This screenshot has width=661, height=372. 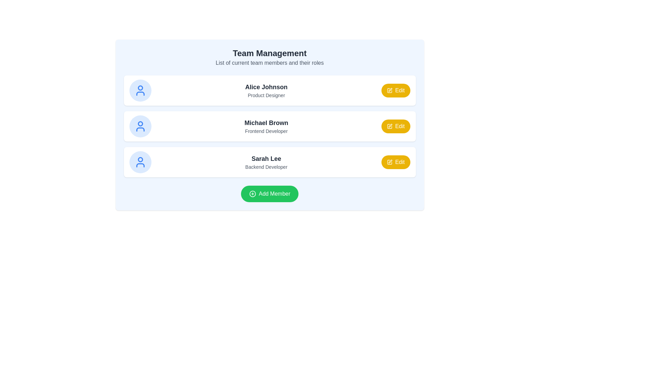 What do you see at coordinates (140, 90) in the screenshot?
I see `the circular blue icon representing Alice Johnson, a Product Designer, in the Team Management section` at bounding box center [140, 90].